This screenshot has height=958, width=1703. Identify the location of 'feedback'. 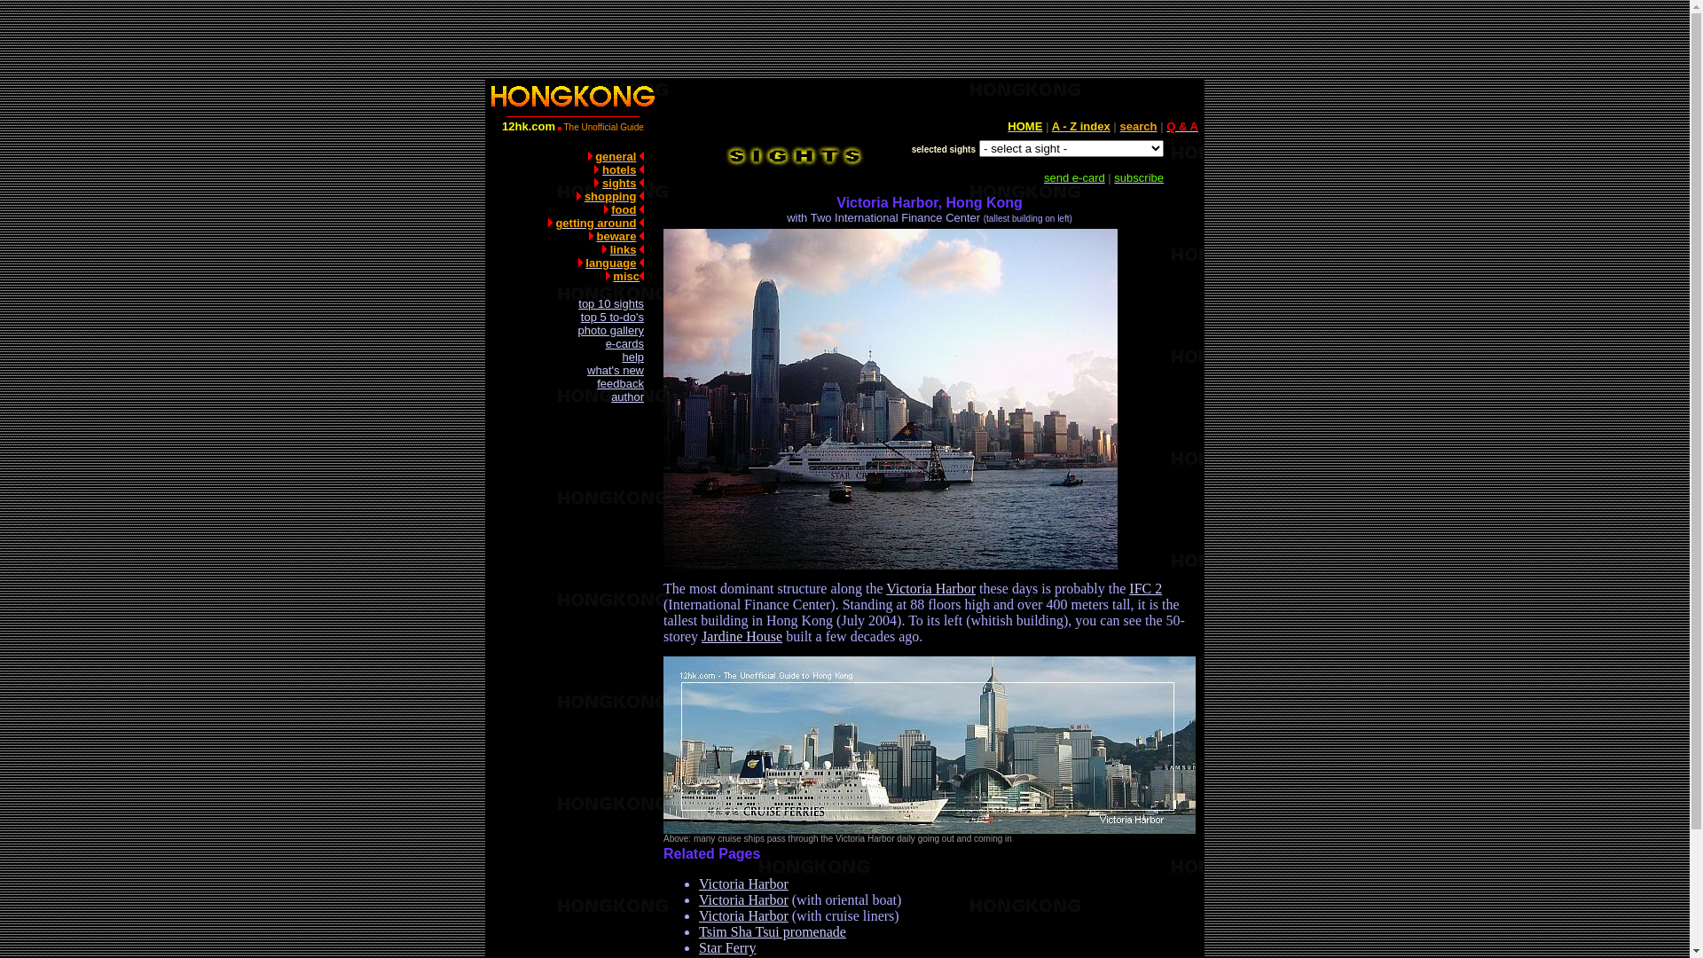
(620, 382).